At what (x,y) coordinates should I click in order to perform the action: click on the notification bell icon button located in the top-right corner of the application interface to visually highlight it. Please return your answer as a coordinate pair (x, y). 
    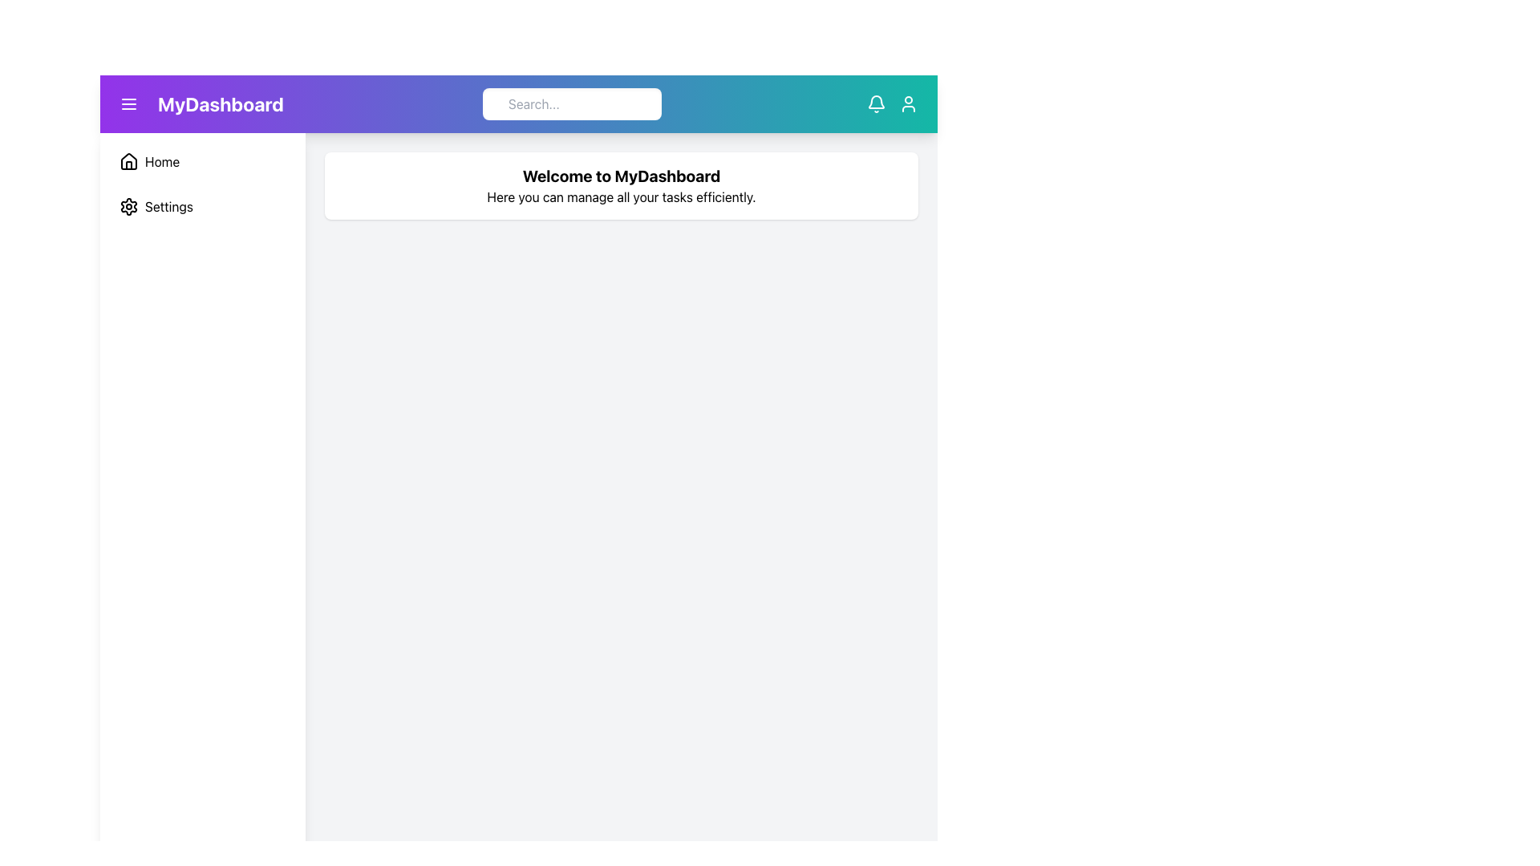
    Looking at the image, I should click on (876, 104).